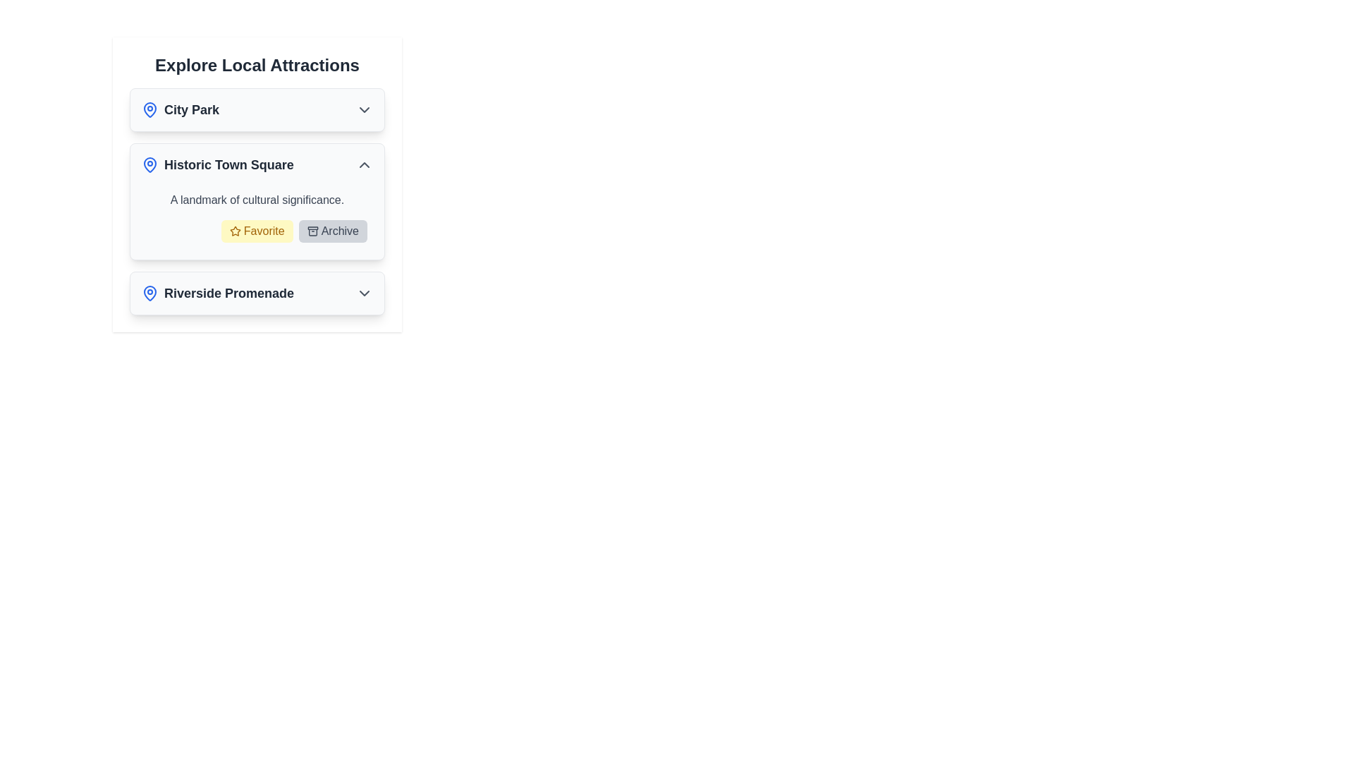 The width and height of the screenshot is (1354, 762). What do you see at coordinates (332, 230) in the screenshot?
I see `the 'Archive' button with a light gray background and dark gray text label, located in the button group at the bottom of the 'Historic Town Square' card` at bounding box center [332, 230].